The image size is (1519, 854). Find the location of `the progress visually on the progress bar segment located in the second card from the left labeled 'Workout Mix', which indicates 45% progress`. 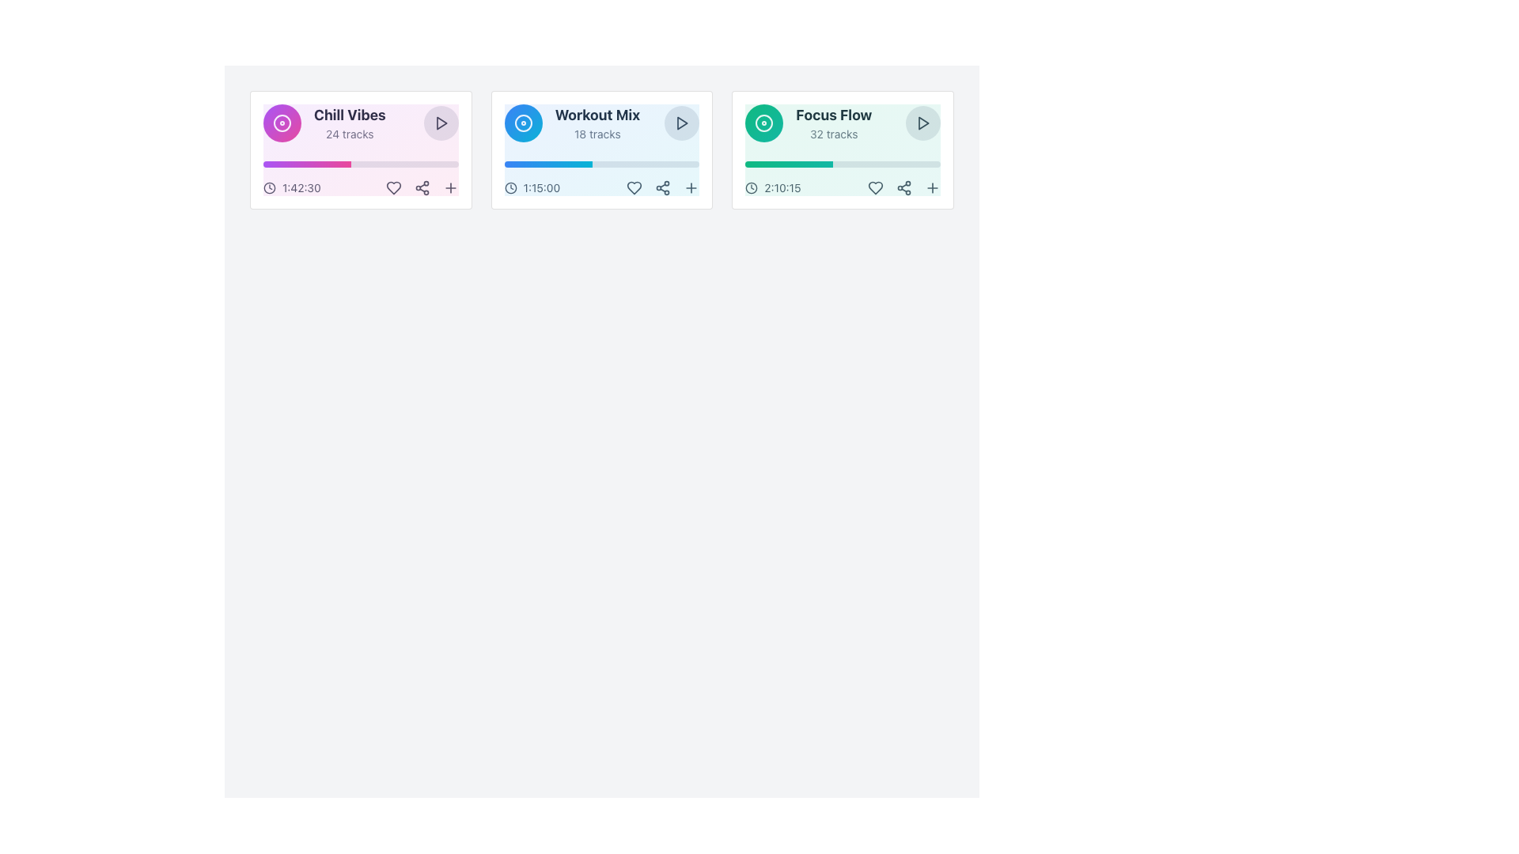

the progress visually on the progress bar segment located in the second card from the left labeled 'Workout Mix', which indicates 45% progress is located at coordinates (548, 164).